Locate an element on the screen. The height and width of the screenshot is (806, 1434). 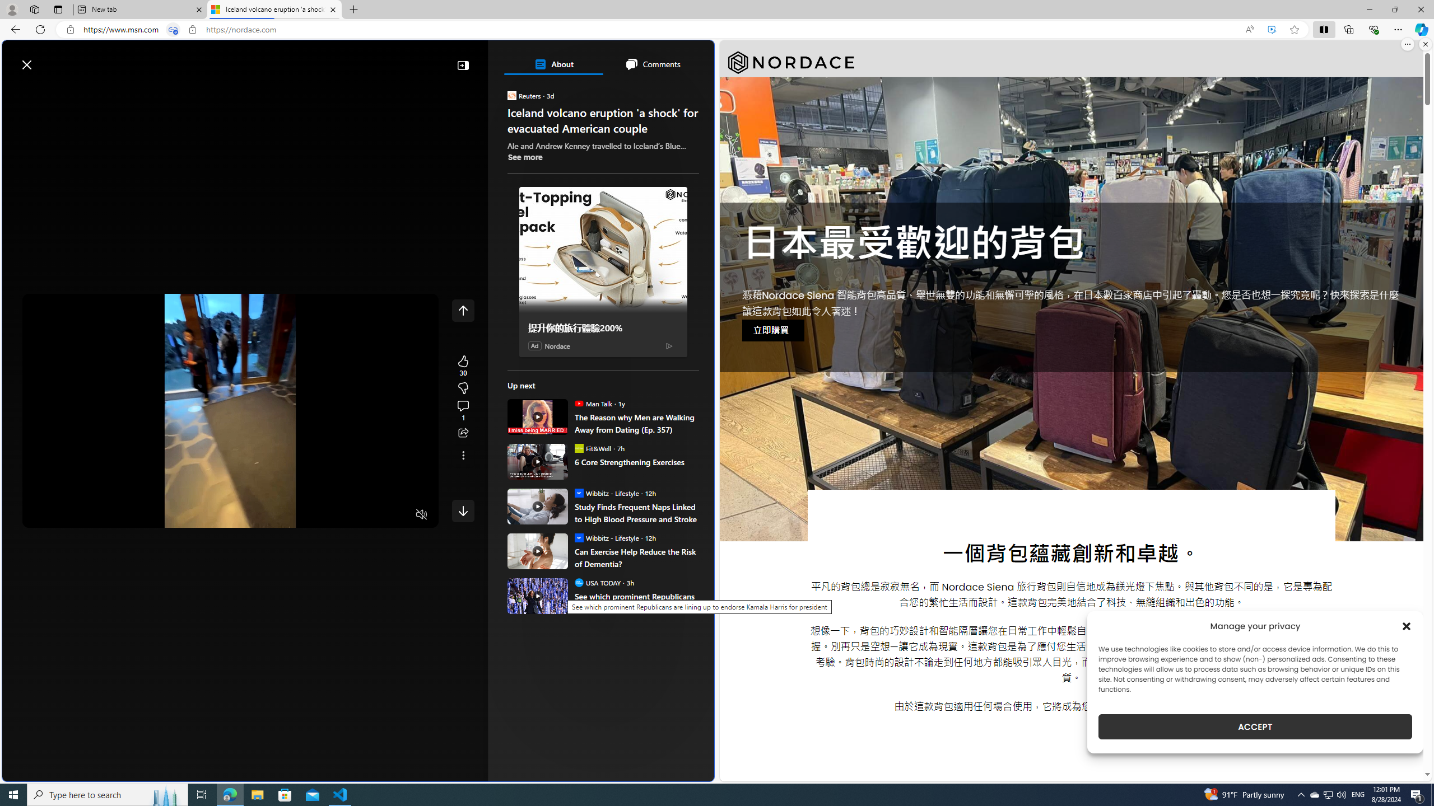
'30 Like' is located at coordinates (463, 365).